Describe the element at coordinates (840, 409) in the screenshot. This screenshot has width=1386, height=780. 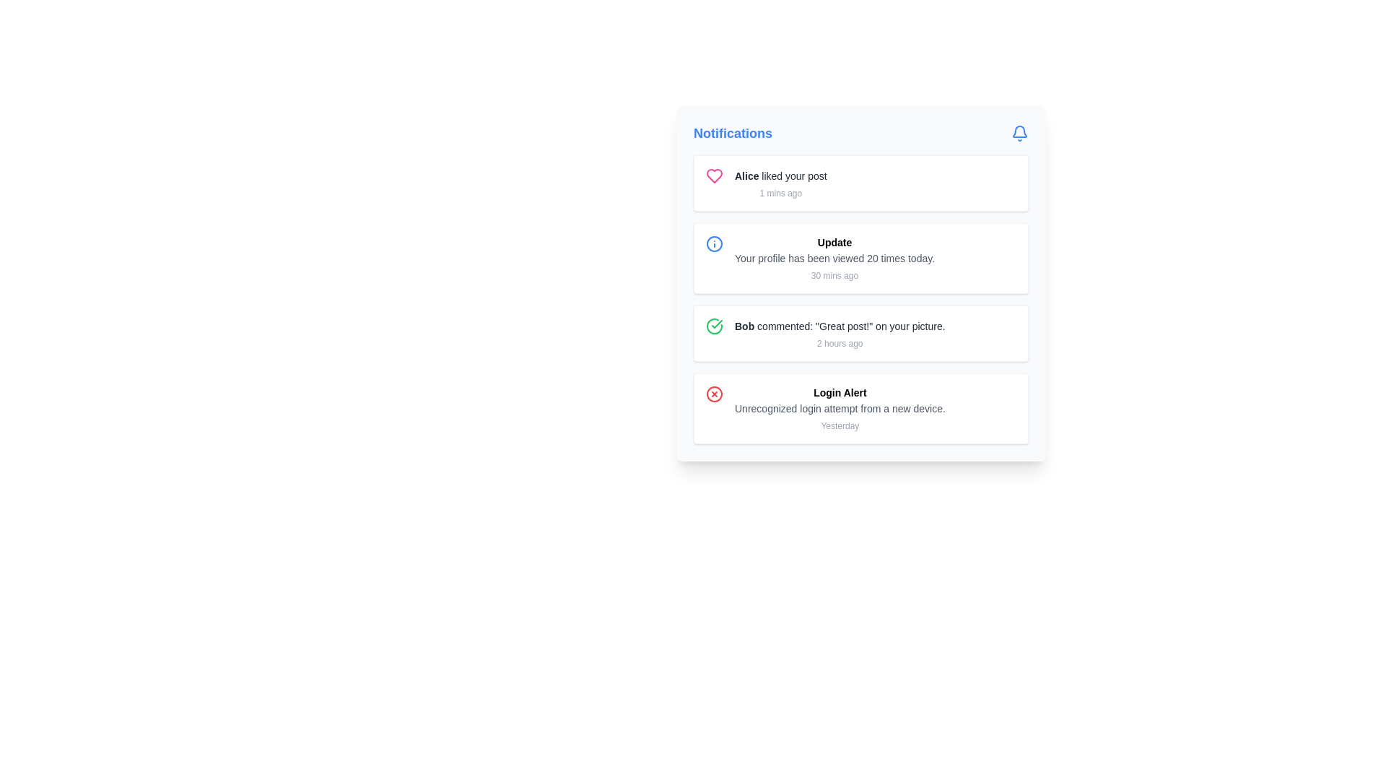
I see `the content of the security notification informing about a login attempt from an unrecognized device, located at the bottom of the notification panel` at that location.